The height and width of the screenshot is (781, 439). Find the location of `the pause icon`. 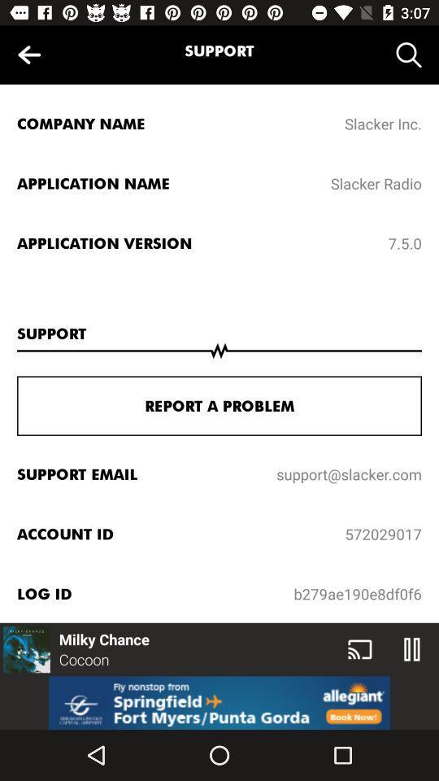

the pause icon is located at coordinates (412, 649).